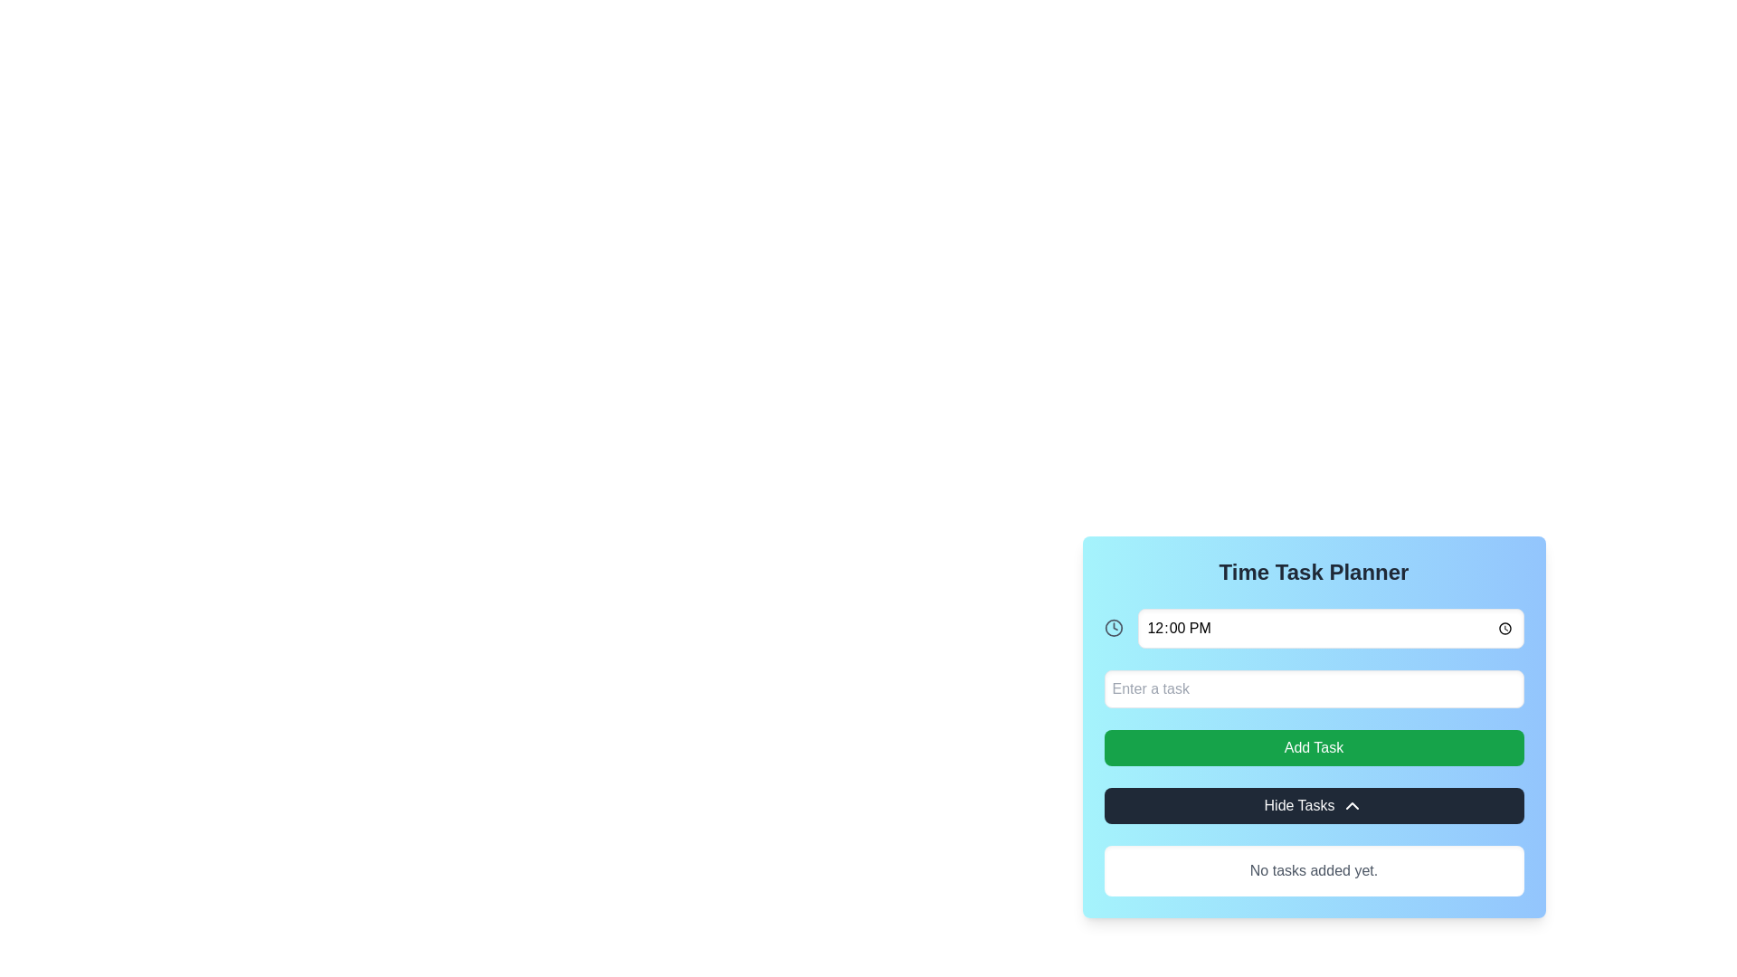  I want to click on the upward-pointing chevron icon located inside the 'Hide Tasks' button within the 'Time Task Planner' section, so click(1353, 805).